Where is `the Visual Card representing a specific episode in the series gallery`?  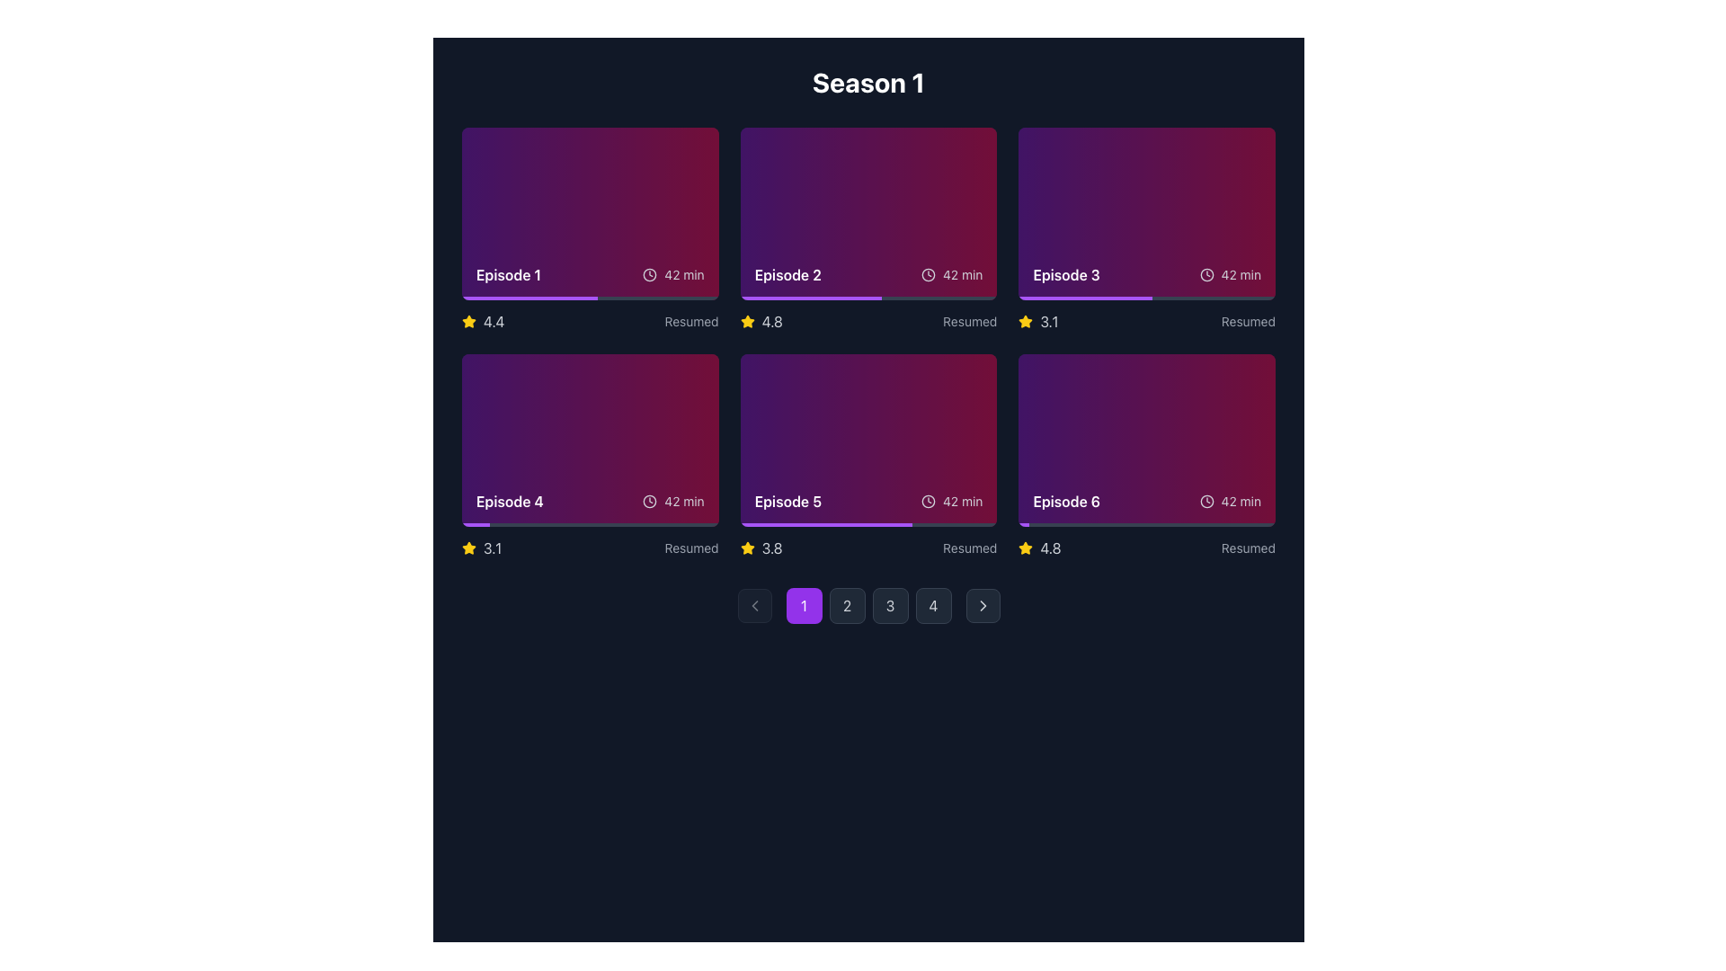
the Visual Card representing a specific episode in the series gallery is located at coordinates (1146, 213).